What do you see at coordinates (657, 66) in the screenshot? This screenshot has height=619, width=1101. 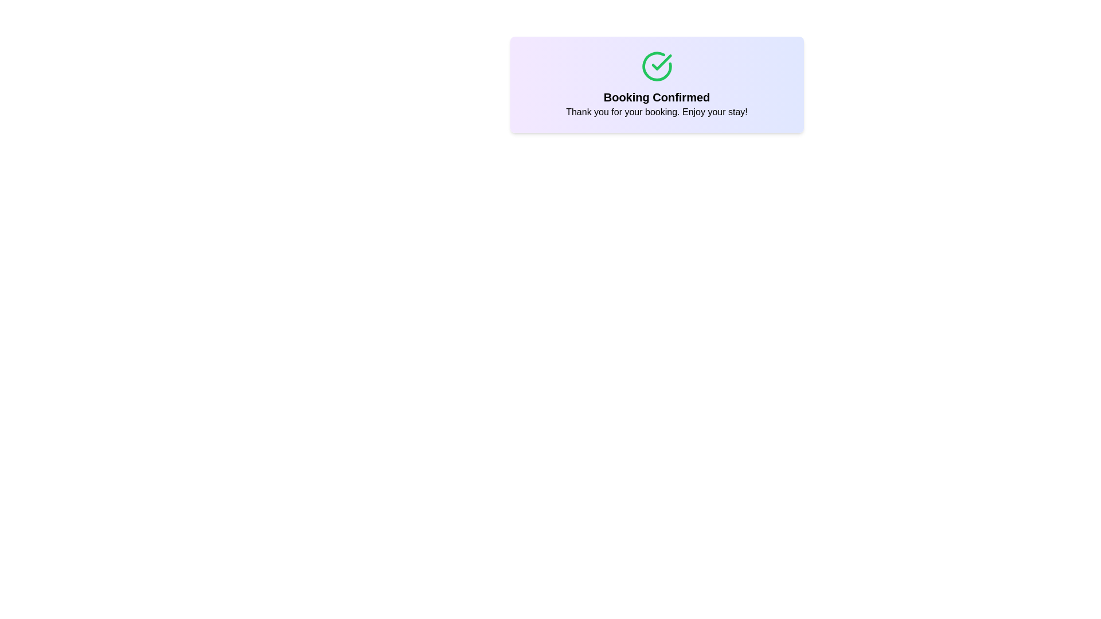 I see `the large green checkmark icon located at the top center of the card-like background, which signifies visual confirmation of 'Booking Confirmed.'` at bounding box center [657, 66].